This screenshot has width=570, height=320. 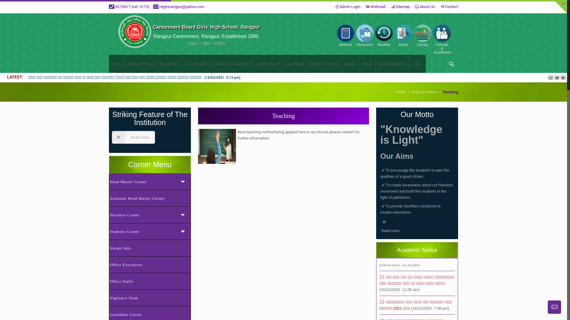 What do you see at coordinates (181, 7) in the screenshot?
I see `'cbghsrangpur@yahoo.com'` at bounding box center [181, 7].